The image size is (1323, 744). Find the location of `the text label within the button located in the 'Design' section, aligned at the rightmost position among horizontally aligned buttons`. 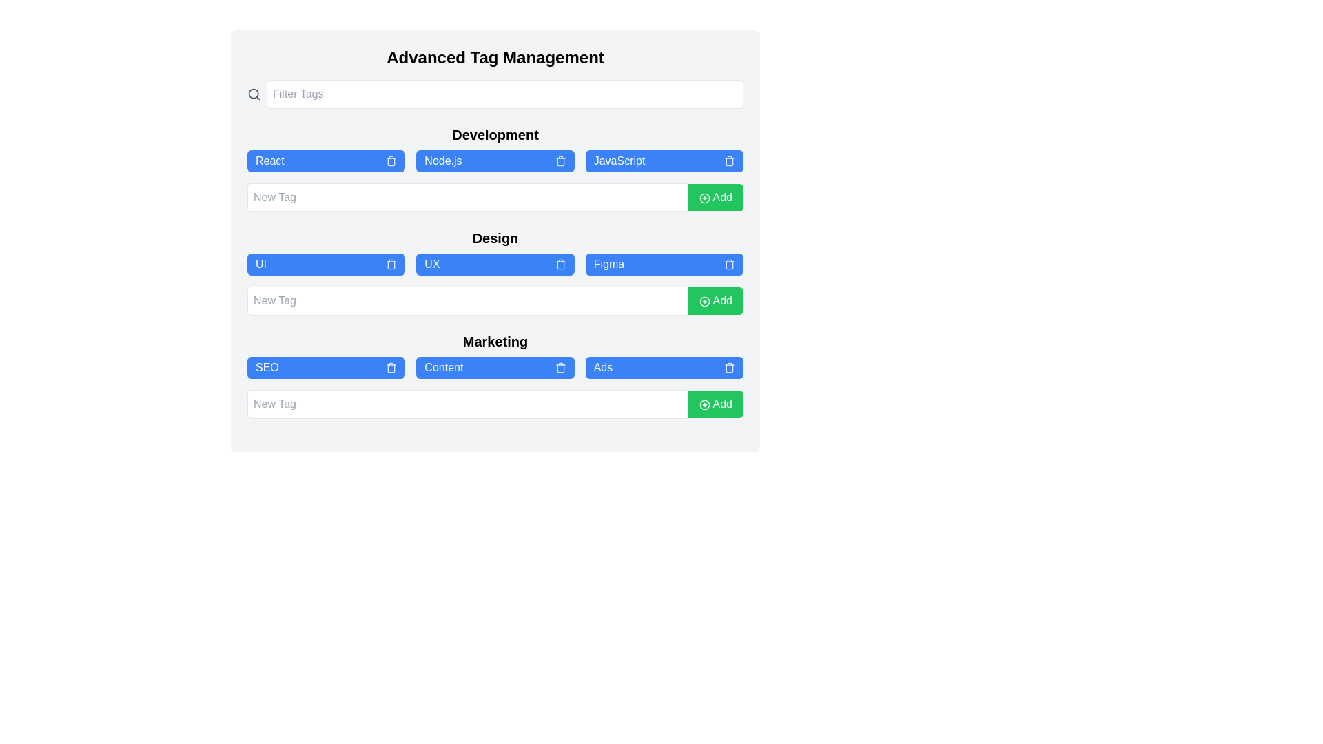

the text label within the button located in the 'Design' section, aligned at the rightmost position among horizontally aligned buttons is located at coordinates (608, 265).